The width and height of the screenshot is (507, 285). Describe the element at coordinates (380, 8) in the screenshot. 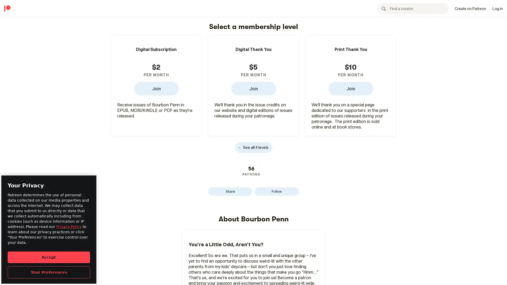

I see `Become a patron` at that location.